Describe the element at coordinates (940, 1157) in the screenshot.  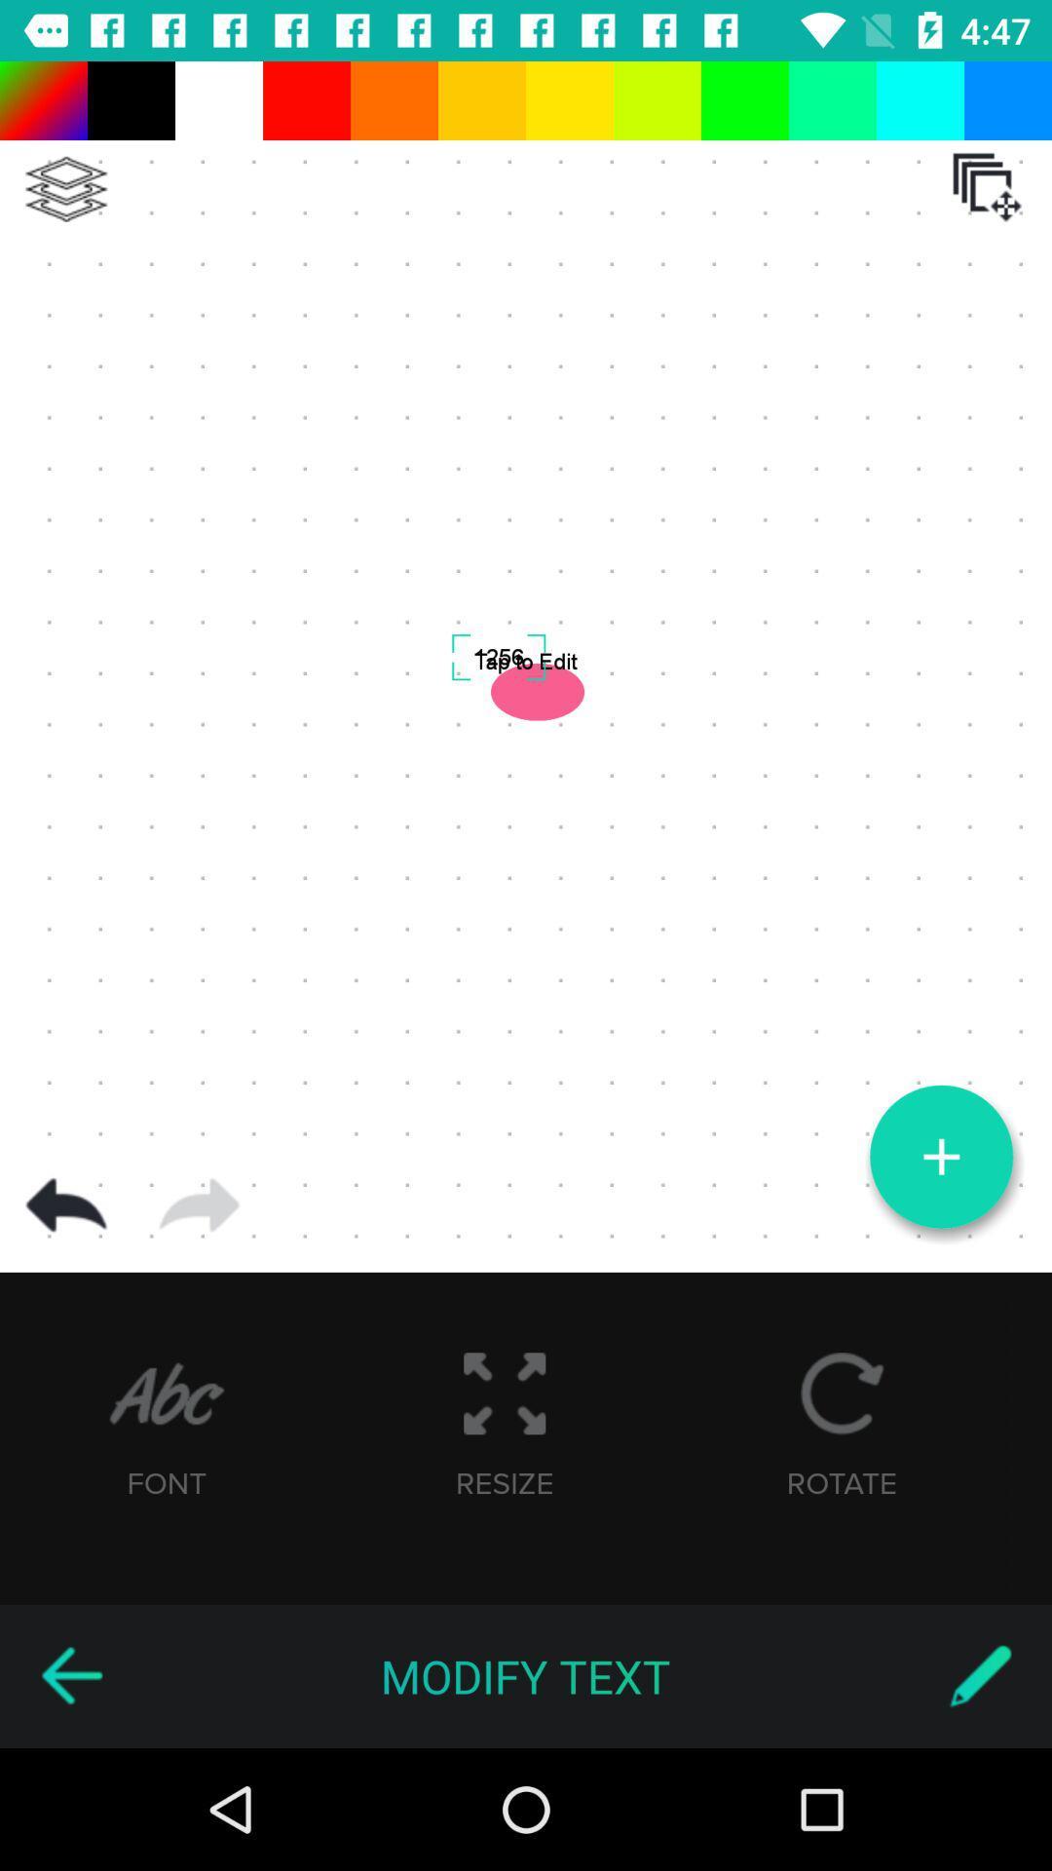
I see `content` at that location.